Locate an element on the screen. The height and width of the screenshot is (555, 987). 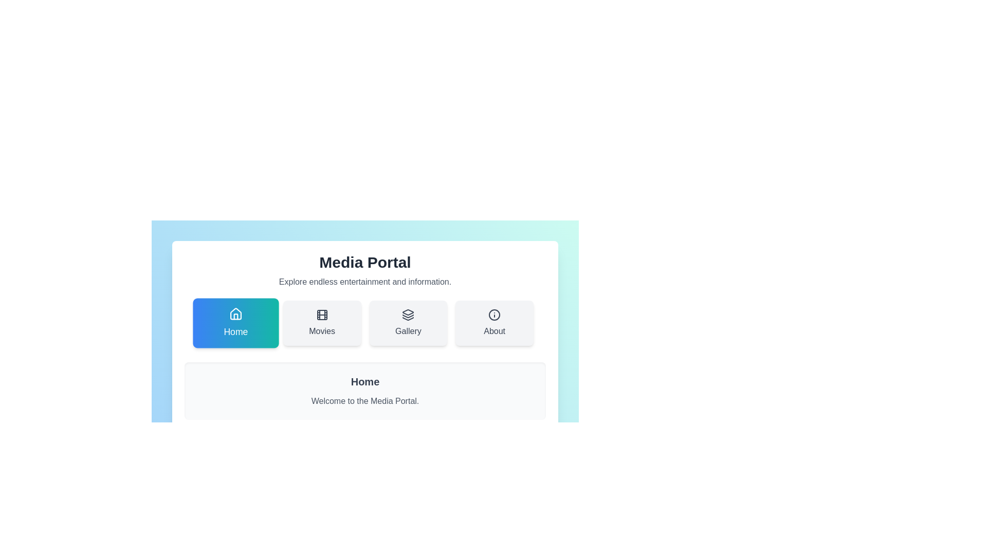
the 'Movies' button, which features a film reel icon and is located below the 'Media Portal' heading is located at coordinates (321, 322).